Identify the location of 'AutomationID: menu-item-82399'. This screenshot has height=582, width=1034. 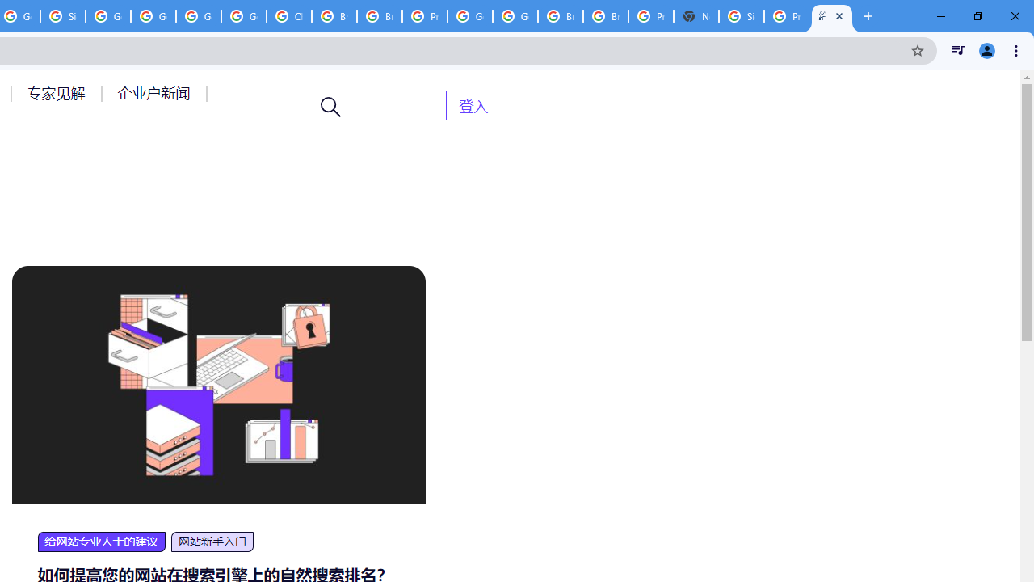
(473, 104).